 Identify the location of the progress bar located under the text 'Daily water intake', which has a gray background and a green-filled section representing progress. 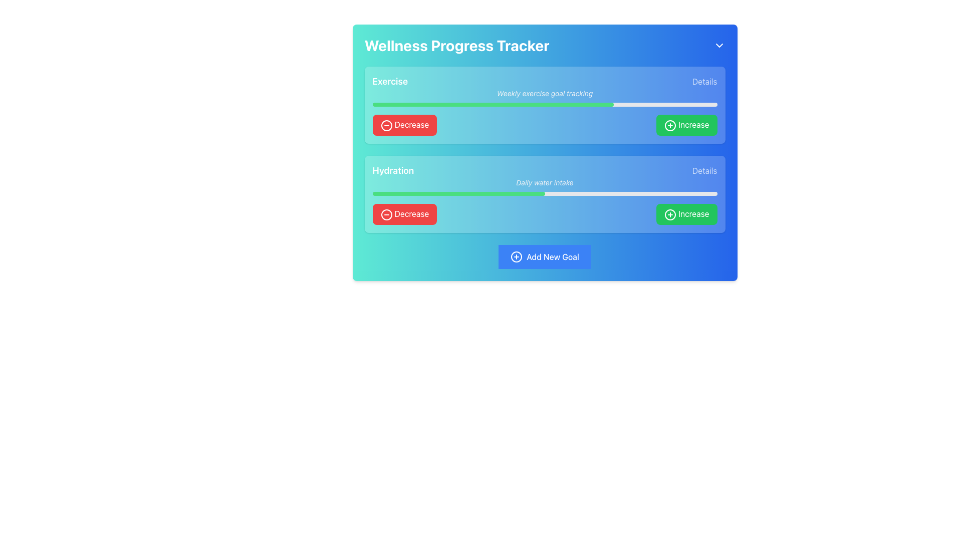
(544, 193).